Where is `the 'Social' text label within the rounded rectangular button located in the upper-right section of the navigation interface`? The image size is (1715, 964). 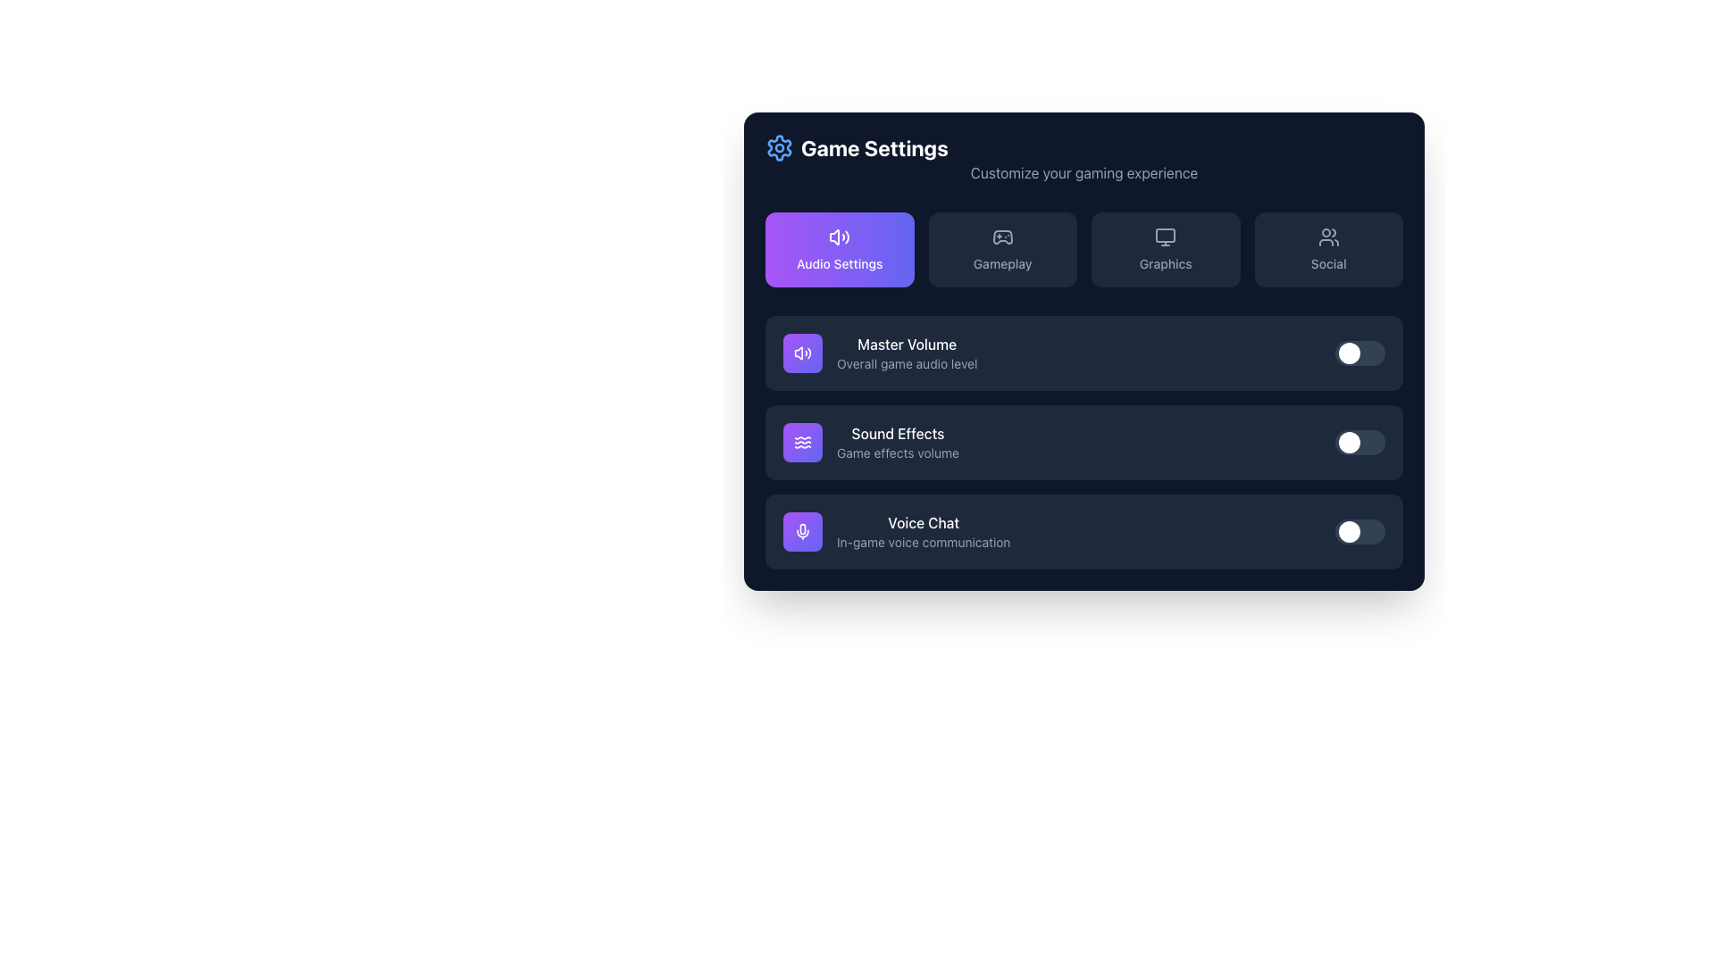
the 'Social' text label within the rounded rectangular button located in the upper-right section of the navigation interface is located at coordinates (1328, 264).